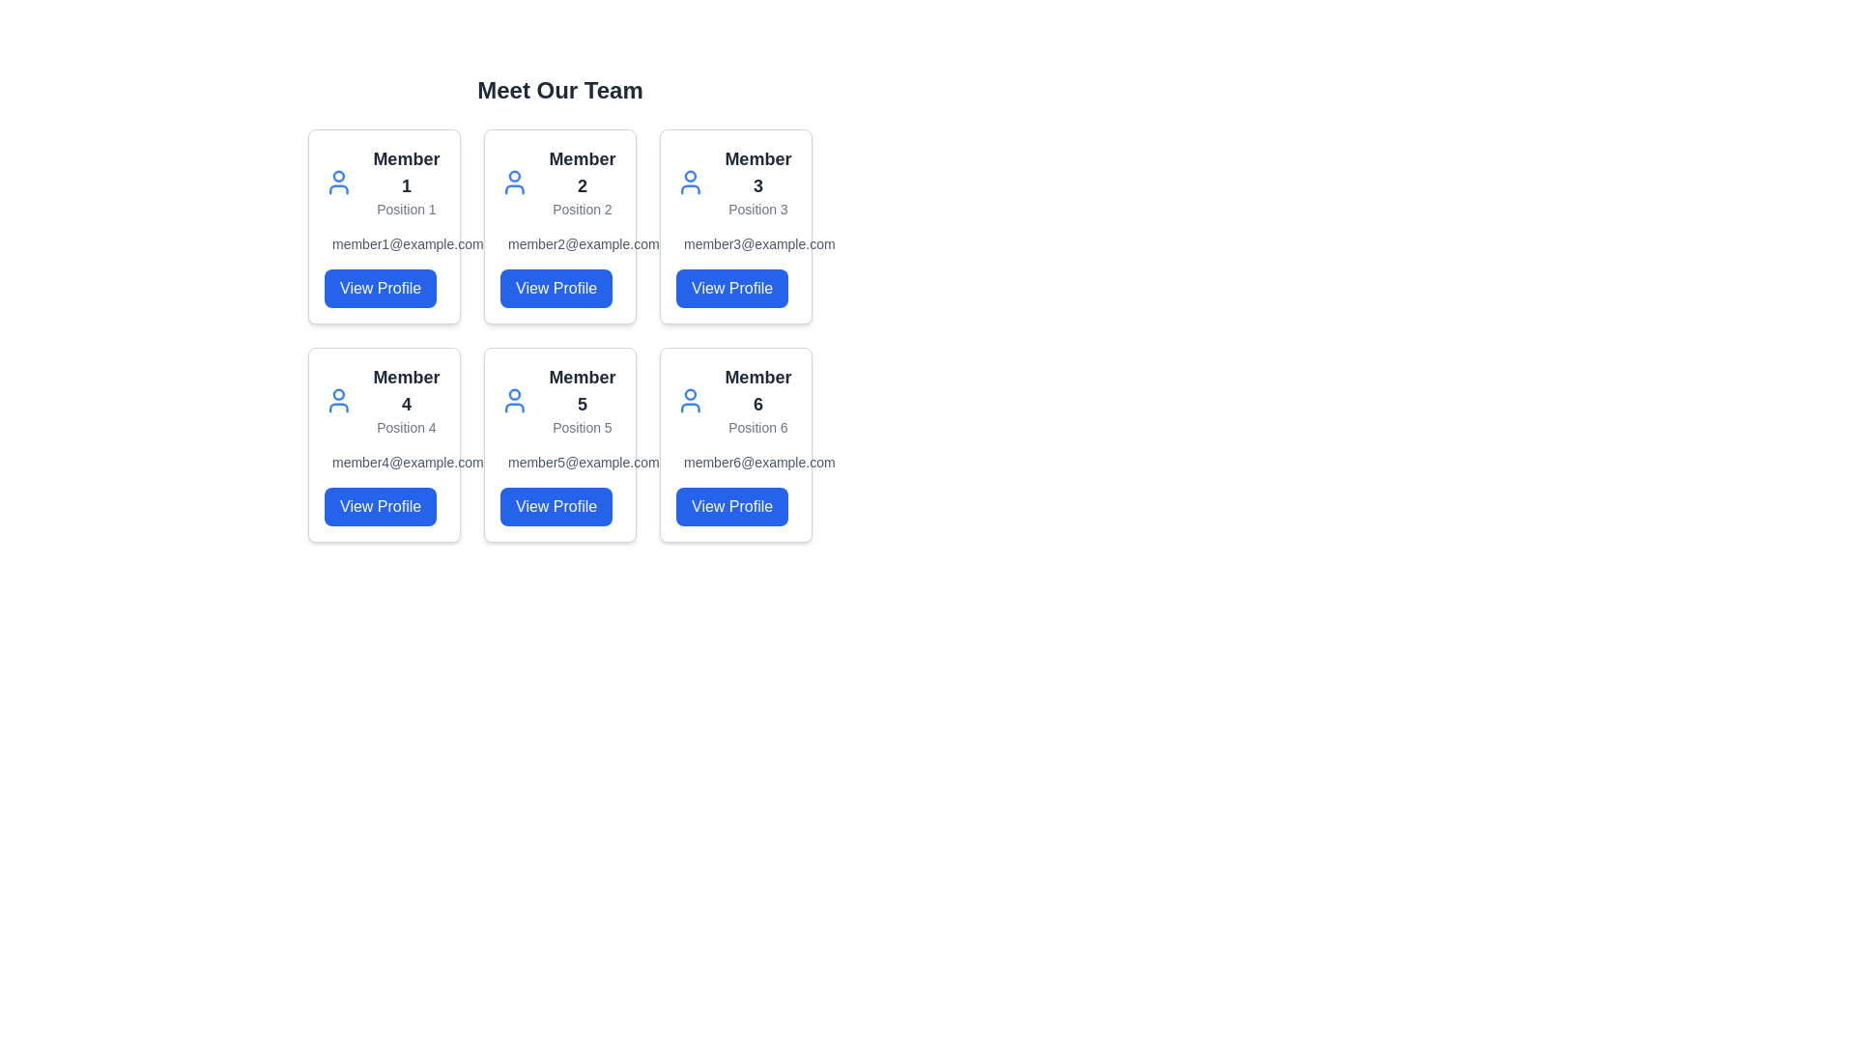 The image size is (1855, 1043). Describe the element at coordinates (731, 505) in the screenshot. I see `the blue 'View Profile' button with white text located at the bottom-right of the card for 'Member 6'` at that location.